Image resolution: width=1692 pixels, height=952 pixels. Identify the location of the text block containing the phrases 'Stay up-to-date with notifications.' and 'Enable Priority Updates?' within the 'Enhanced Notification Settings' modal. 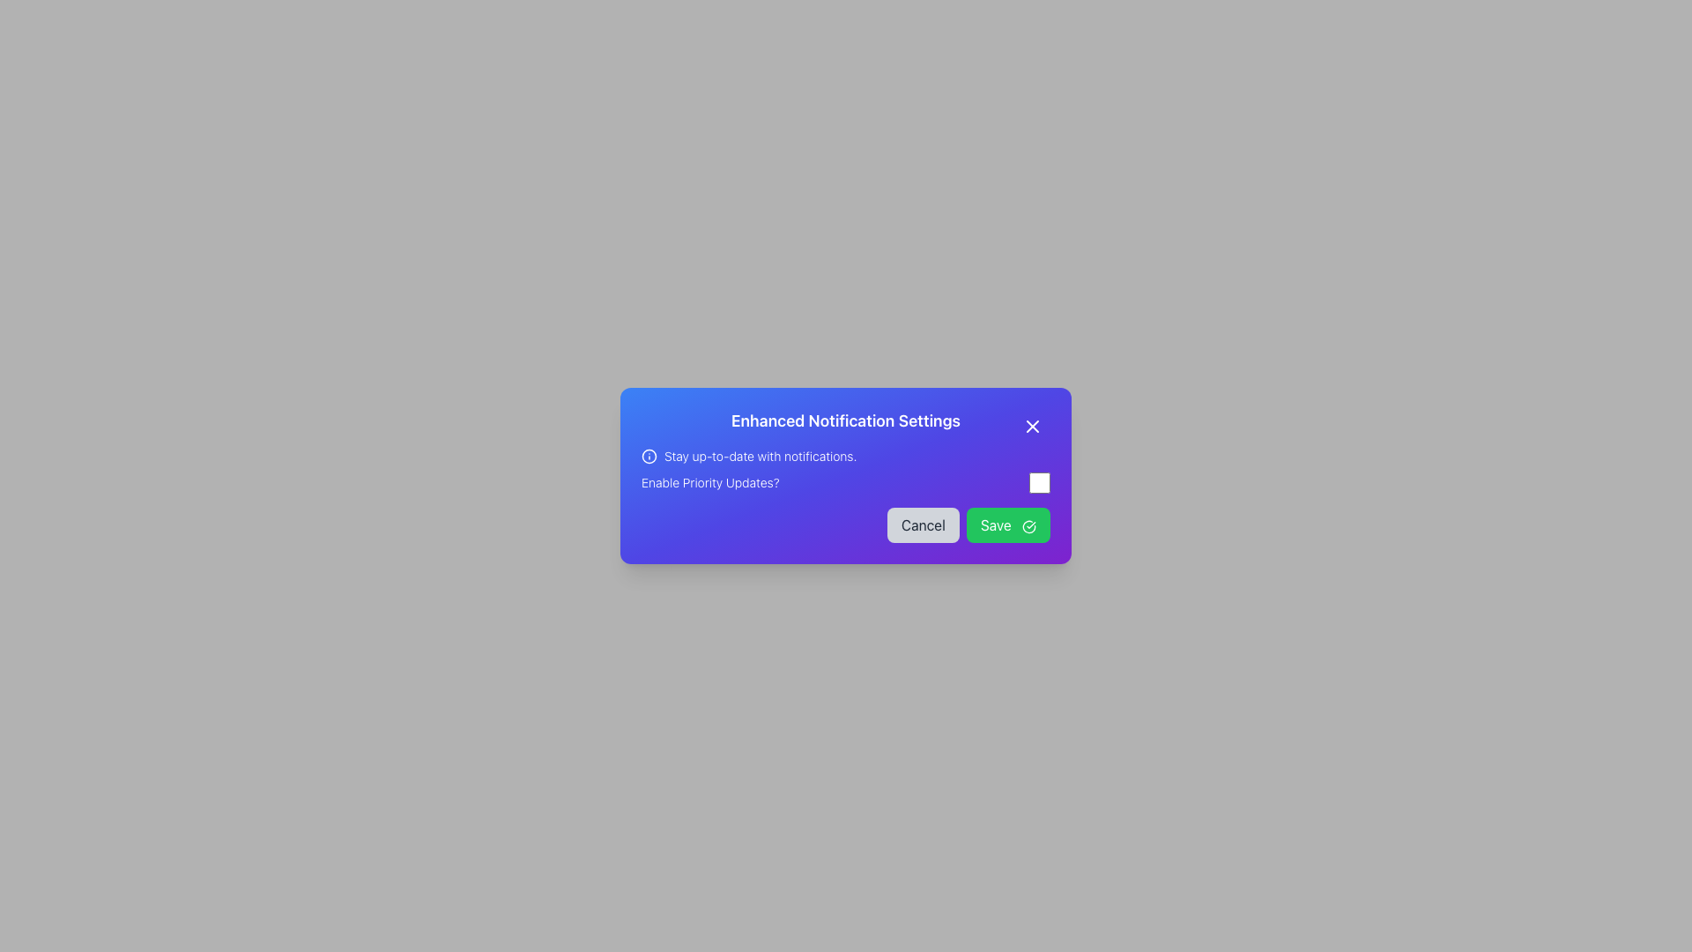
(846, 469).